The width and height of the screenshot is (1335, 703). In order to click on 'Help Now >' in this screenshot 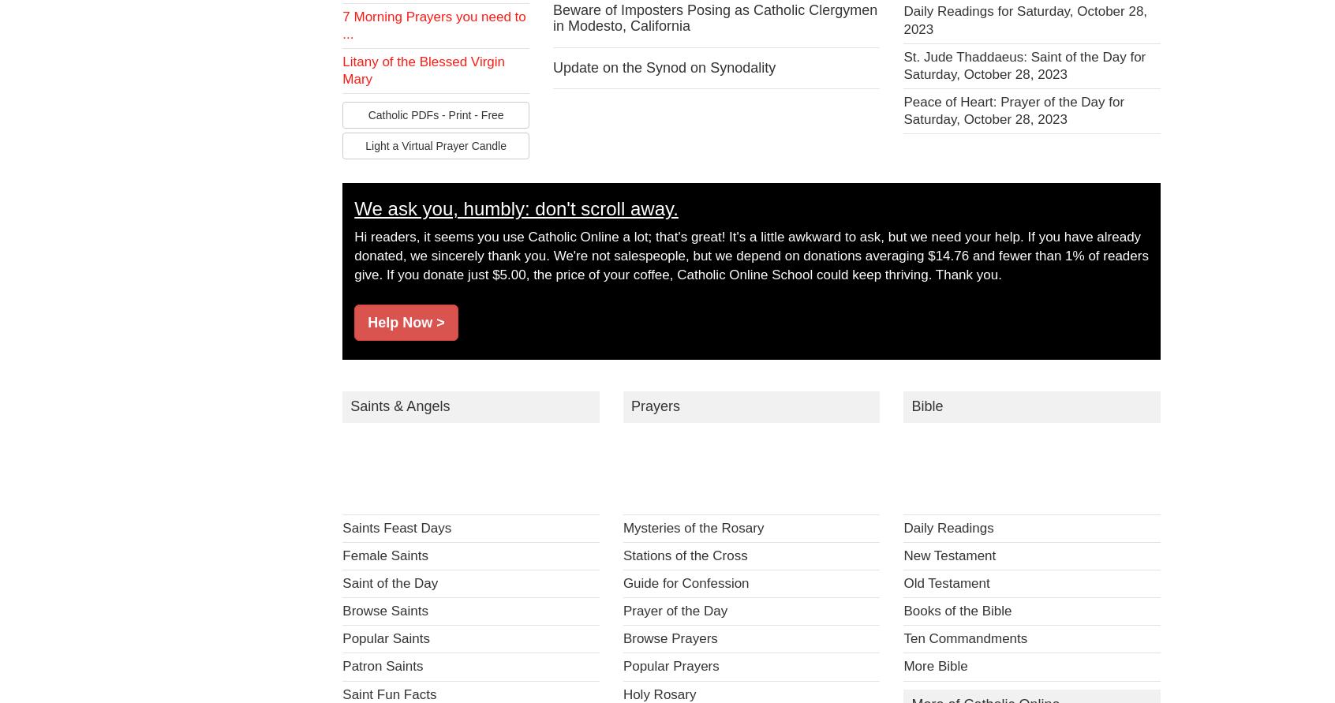, I will do `click(406, 321)`.